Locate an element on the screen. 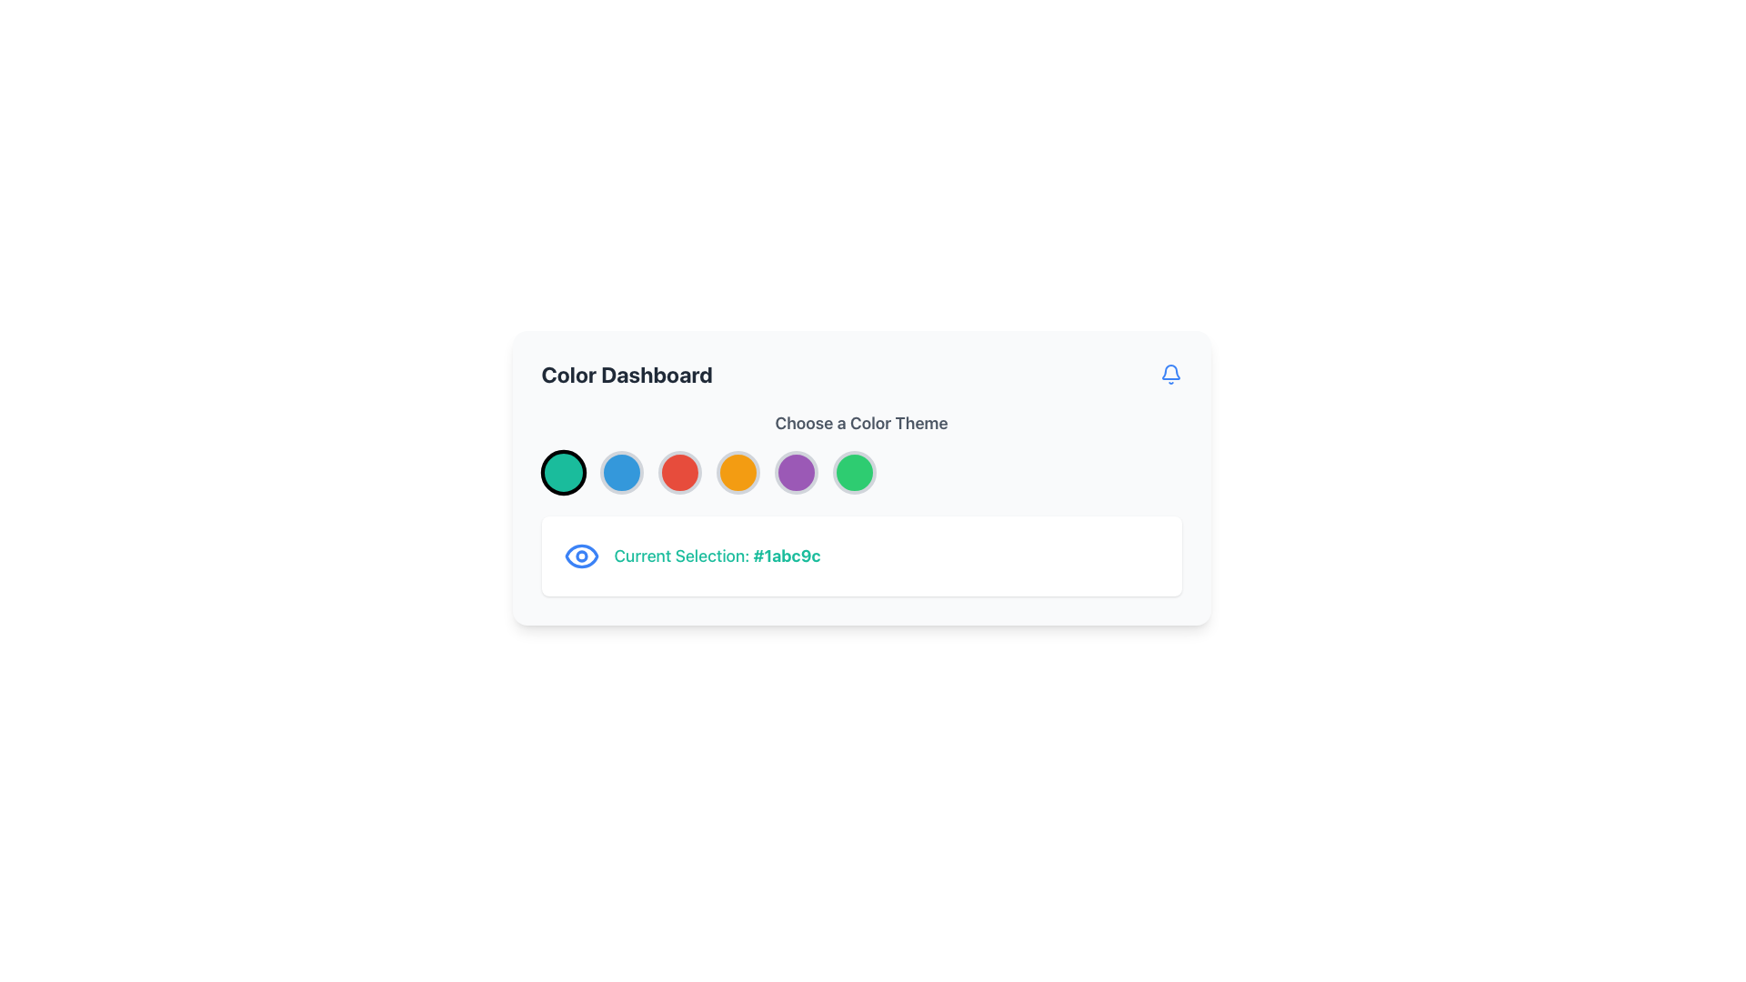 This screenshot has width=1746, height=982. the third circular button that allows the user to select a red color theme, located under the 'Choose a Color Theme' label is located at coordinates (678, 472).